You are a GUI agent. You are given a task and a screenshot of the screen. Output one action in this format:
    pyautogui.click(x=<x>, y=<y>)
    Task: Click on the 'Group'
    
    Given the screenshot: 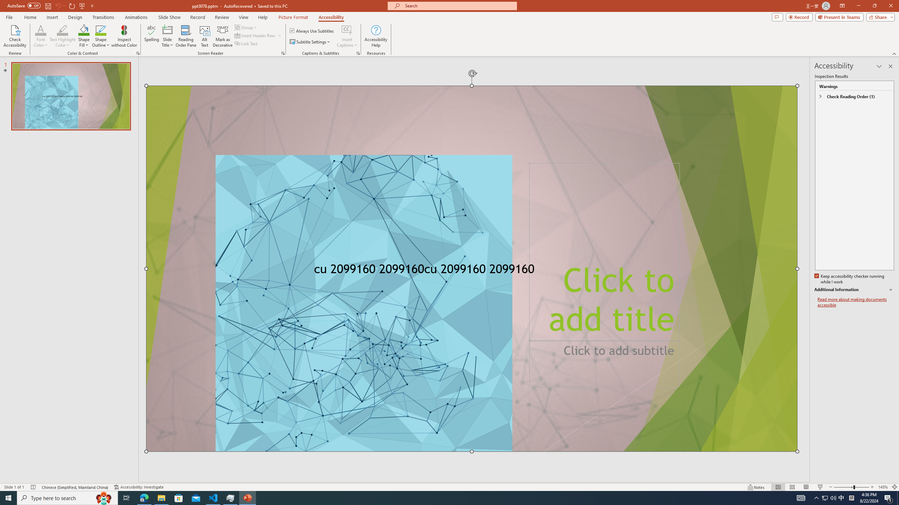 What is the action you would take?
    pyautogui.click(x=246, y=27)
    